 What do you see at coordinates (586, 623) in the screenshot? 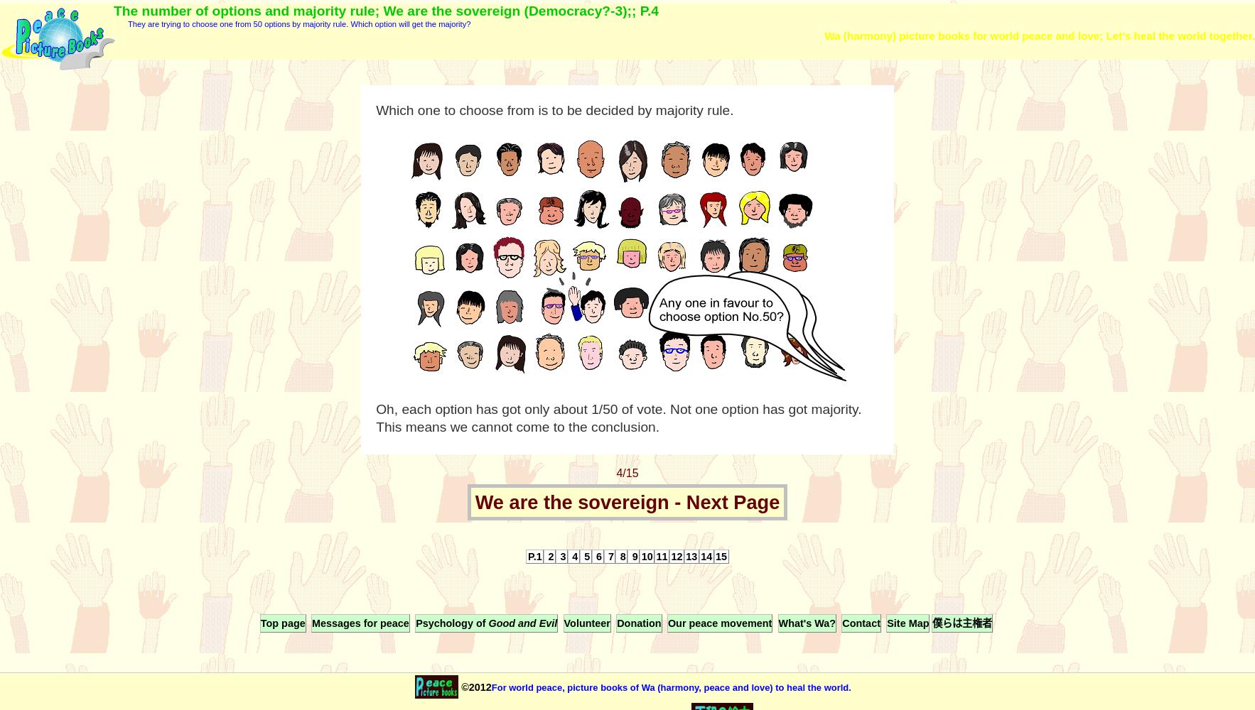
I see `'Volunteer'` at bounding box center [586, 623].